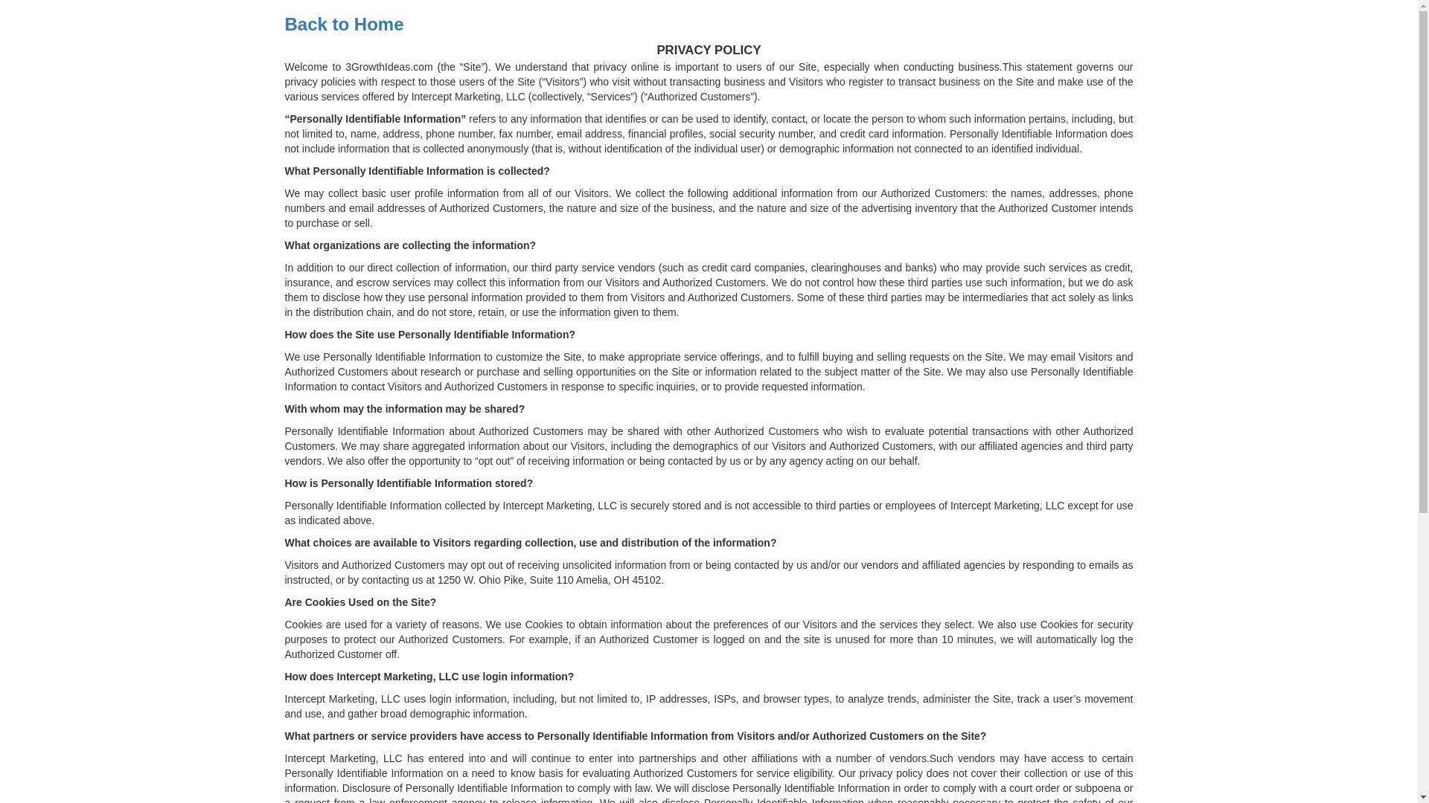 The height and width of the screenshot is (803, 1429). I want to click on 'Back to Home', so click(342, 24).